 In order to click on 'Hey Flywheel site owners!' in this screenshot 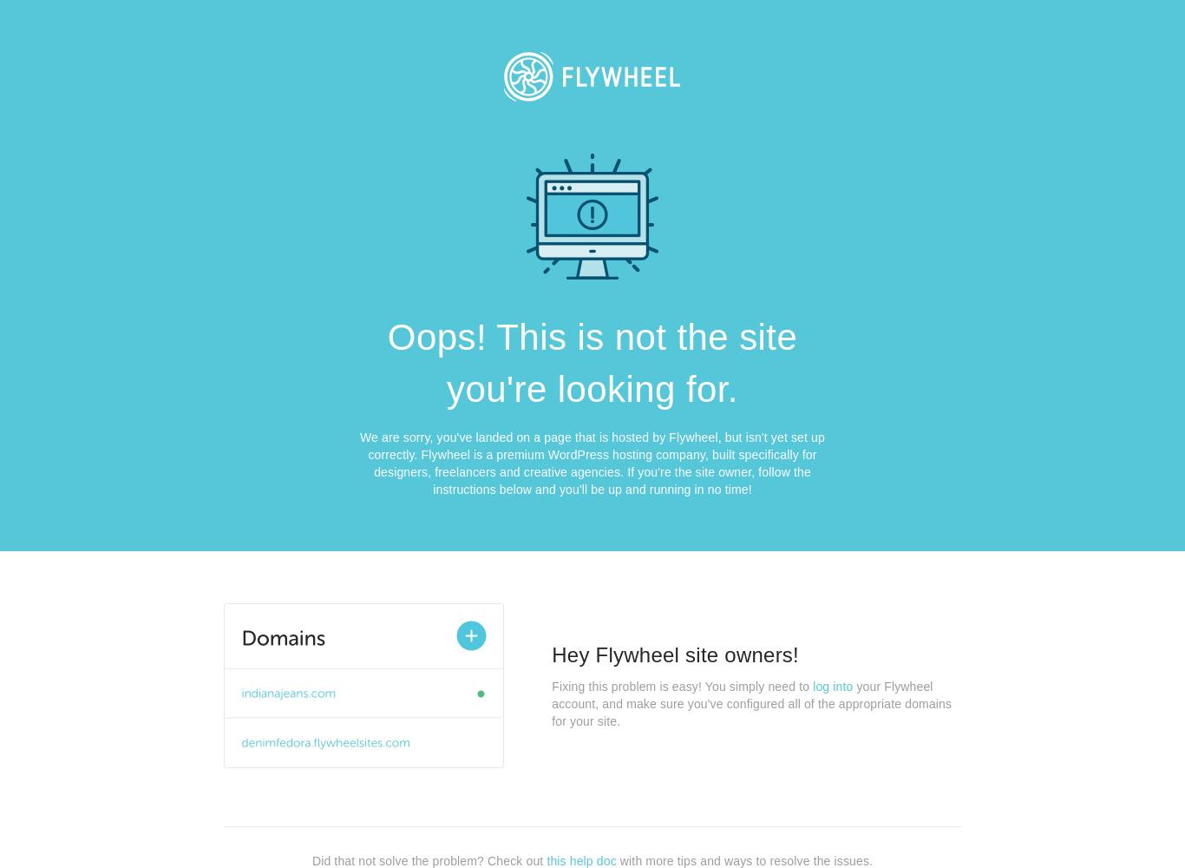, I will do `click(675, 654)`.